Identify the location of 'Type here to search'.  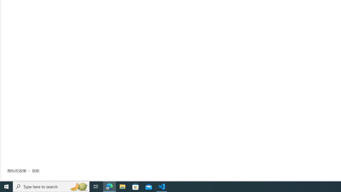
(51, 186).